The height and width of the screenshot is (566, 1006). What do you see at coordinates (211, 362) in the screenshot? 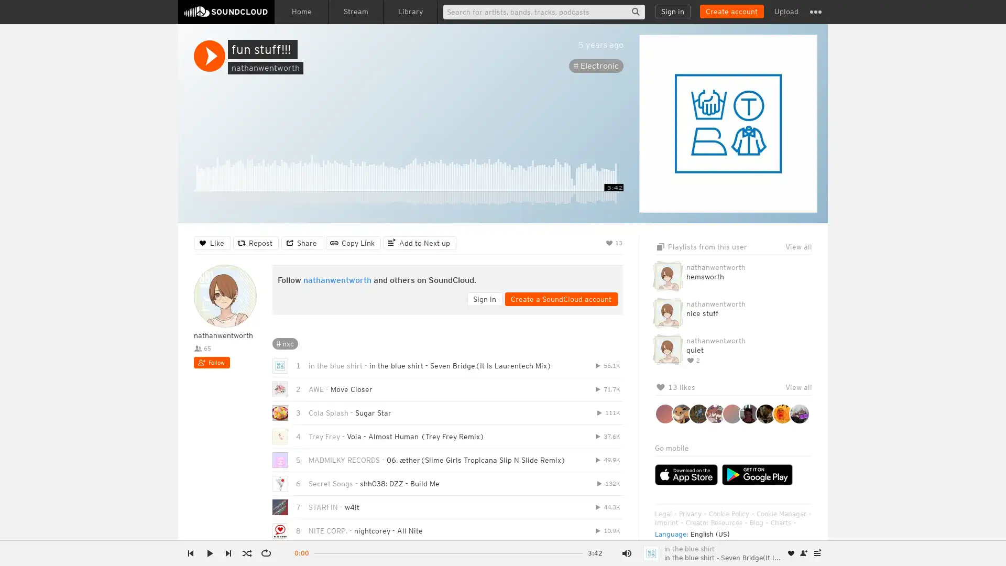
I see `Follow` at bounding box center [211, 362].